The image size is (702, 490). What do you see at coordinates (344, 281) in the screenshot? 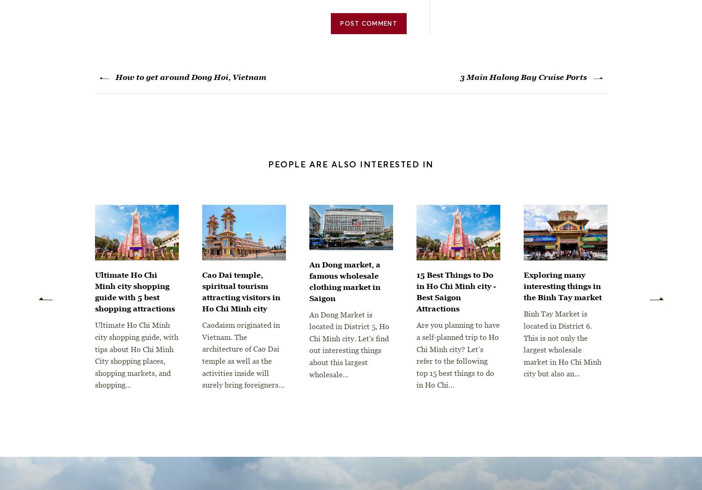
I see `'An Dong market, a famous wholesale clothing market in Saigon'` at bounding box center [344, 281].